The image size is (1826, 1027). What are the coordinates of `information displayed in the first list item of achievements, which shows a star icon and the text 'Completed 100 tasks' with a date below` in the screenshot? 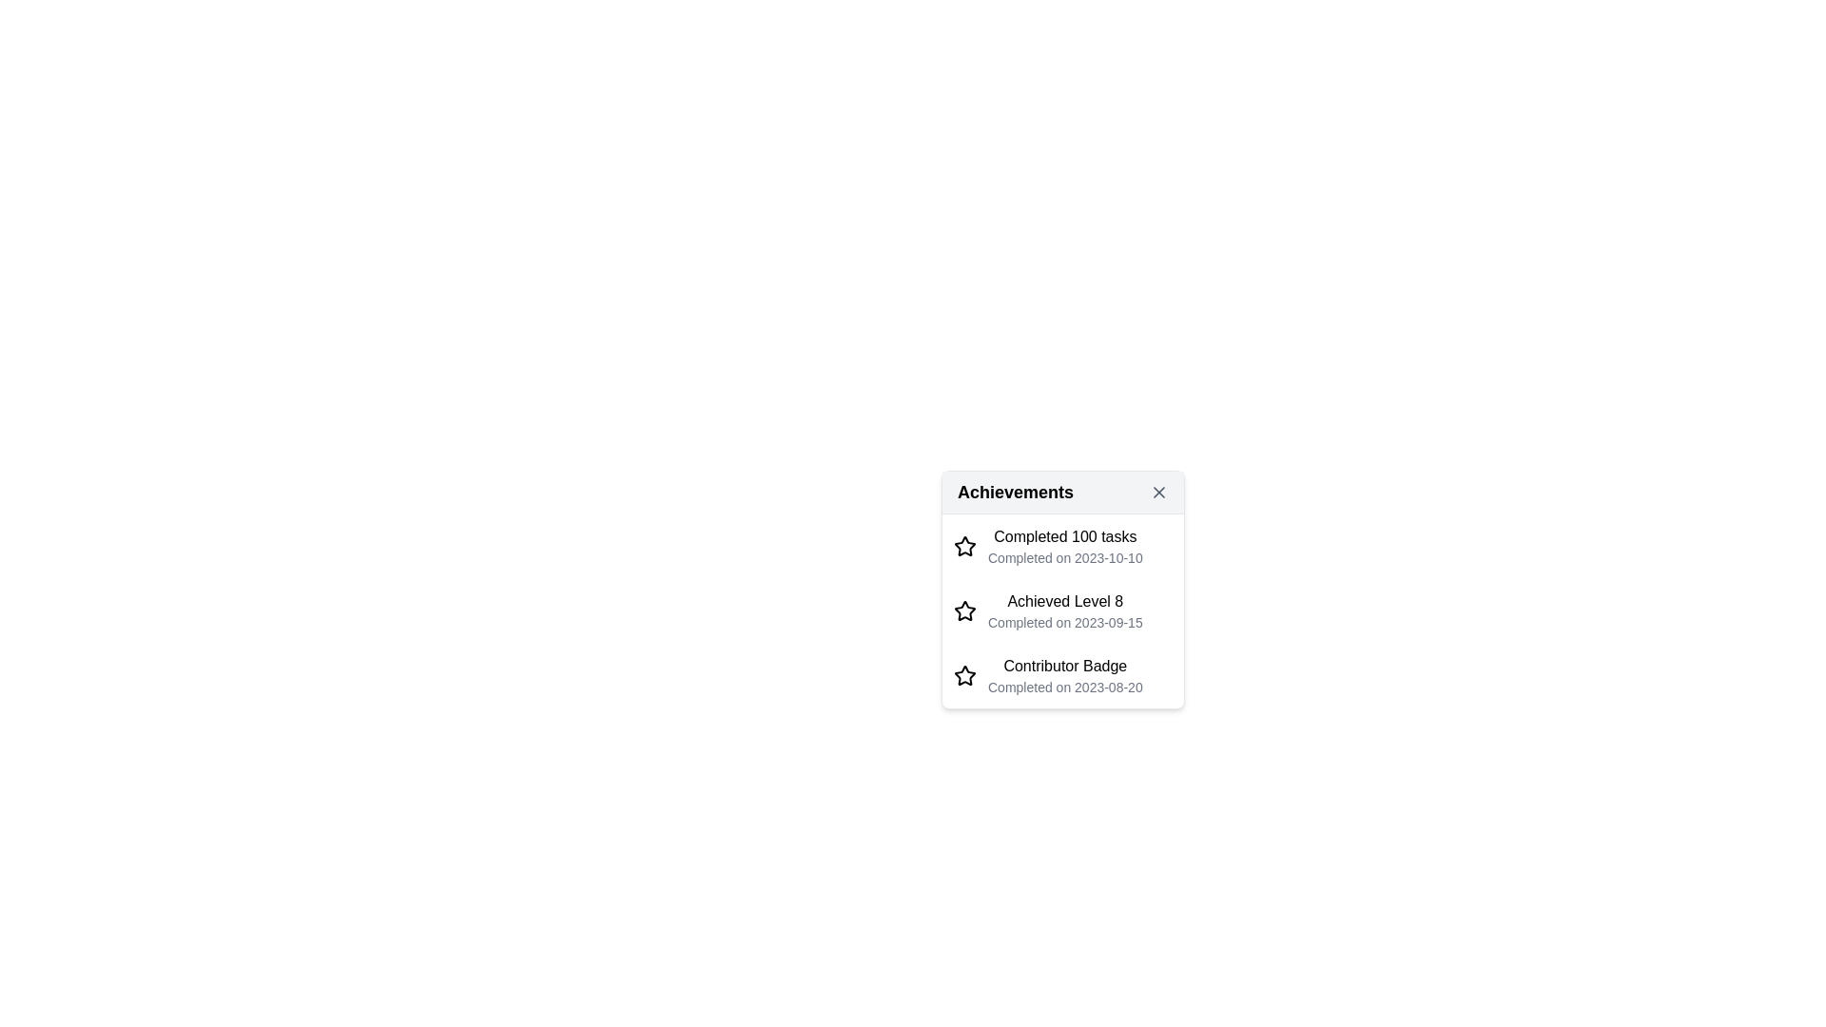 It's located at (1062, 546).